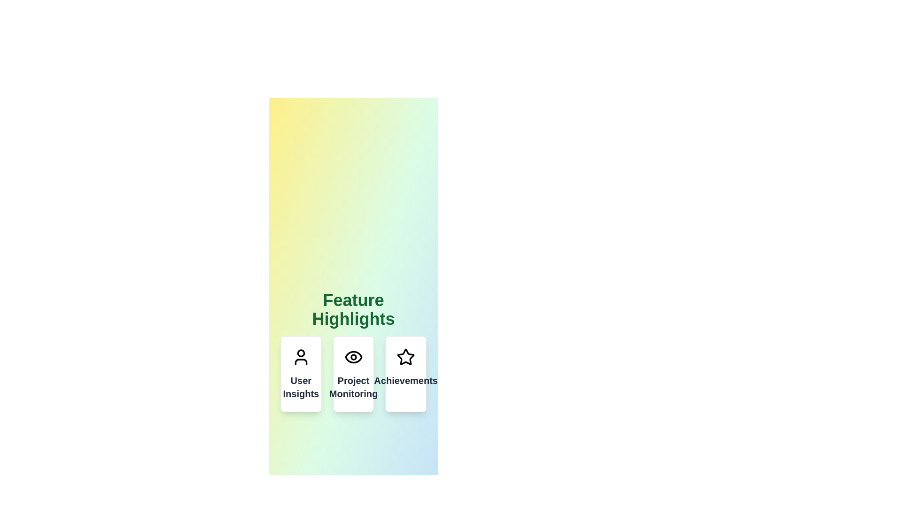 This screenshot has width=902, height=507. What do you see at coordinates (301, 357) in the screenshot?
I see `the user profile icon located at the top of the 'User Insights' card, which serves as a visual indicator for user-related features` at bounding box center [301, 357].